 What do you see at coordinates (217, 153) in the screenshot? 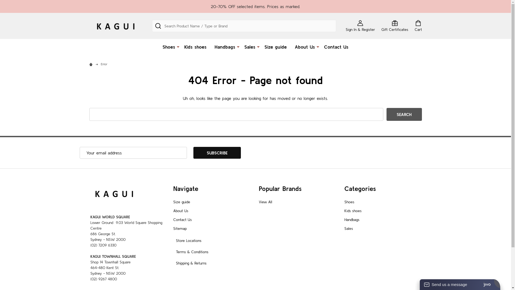
I see `'SUBSCRIBE'` at bounding box center [217, 153].